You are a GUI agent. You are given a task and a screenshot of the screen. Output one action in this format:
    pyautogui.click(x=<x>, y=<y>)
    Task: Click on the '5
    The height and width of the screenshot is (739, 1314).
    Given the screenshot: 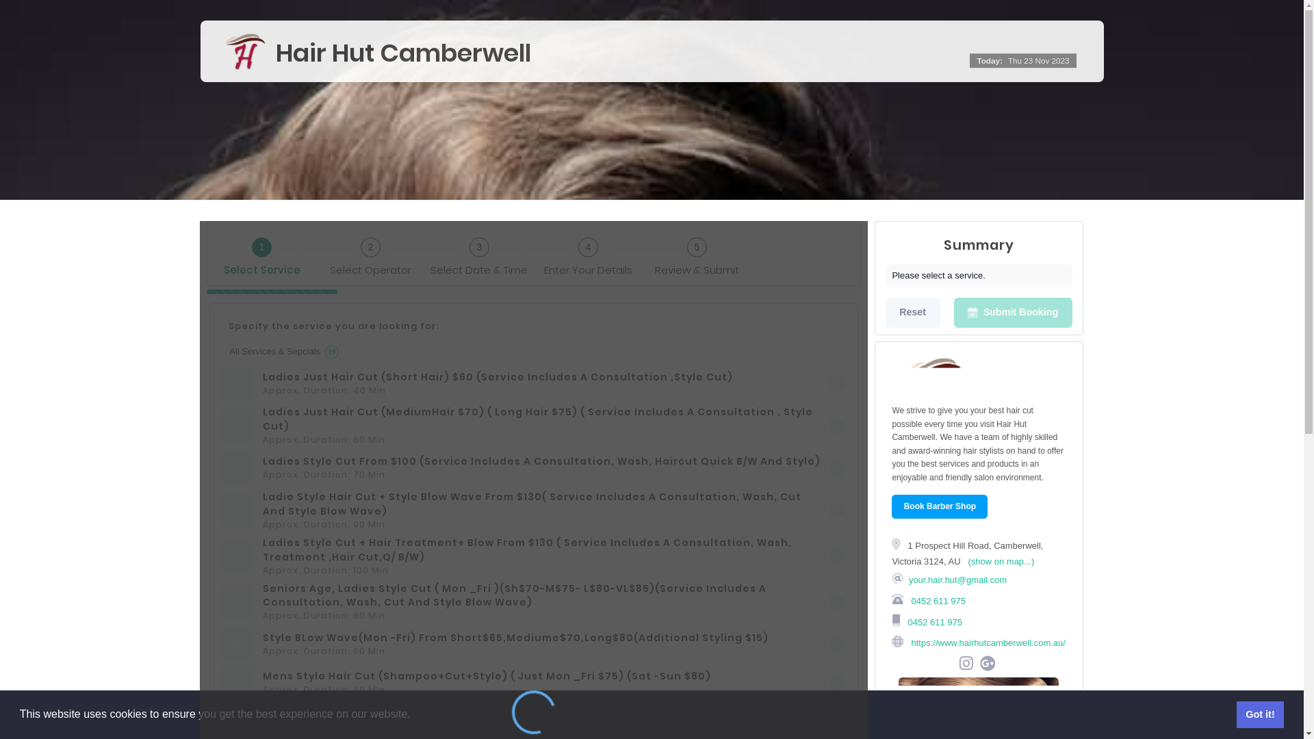 What is the action you would take?
    pyautogui.click(x=697, y=253)
    